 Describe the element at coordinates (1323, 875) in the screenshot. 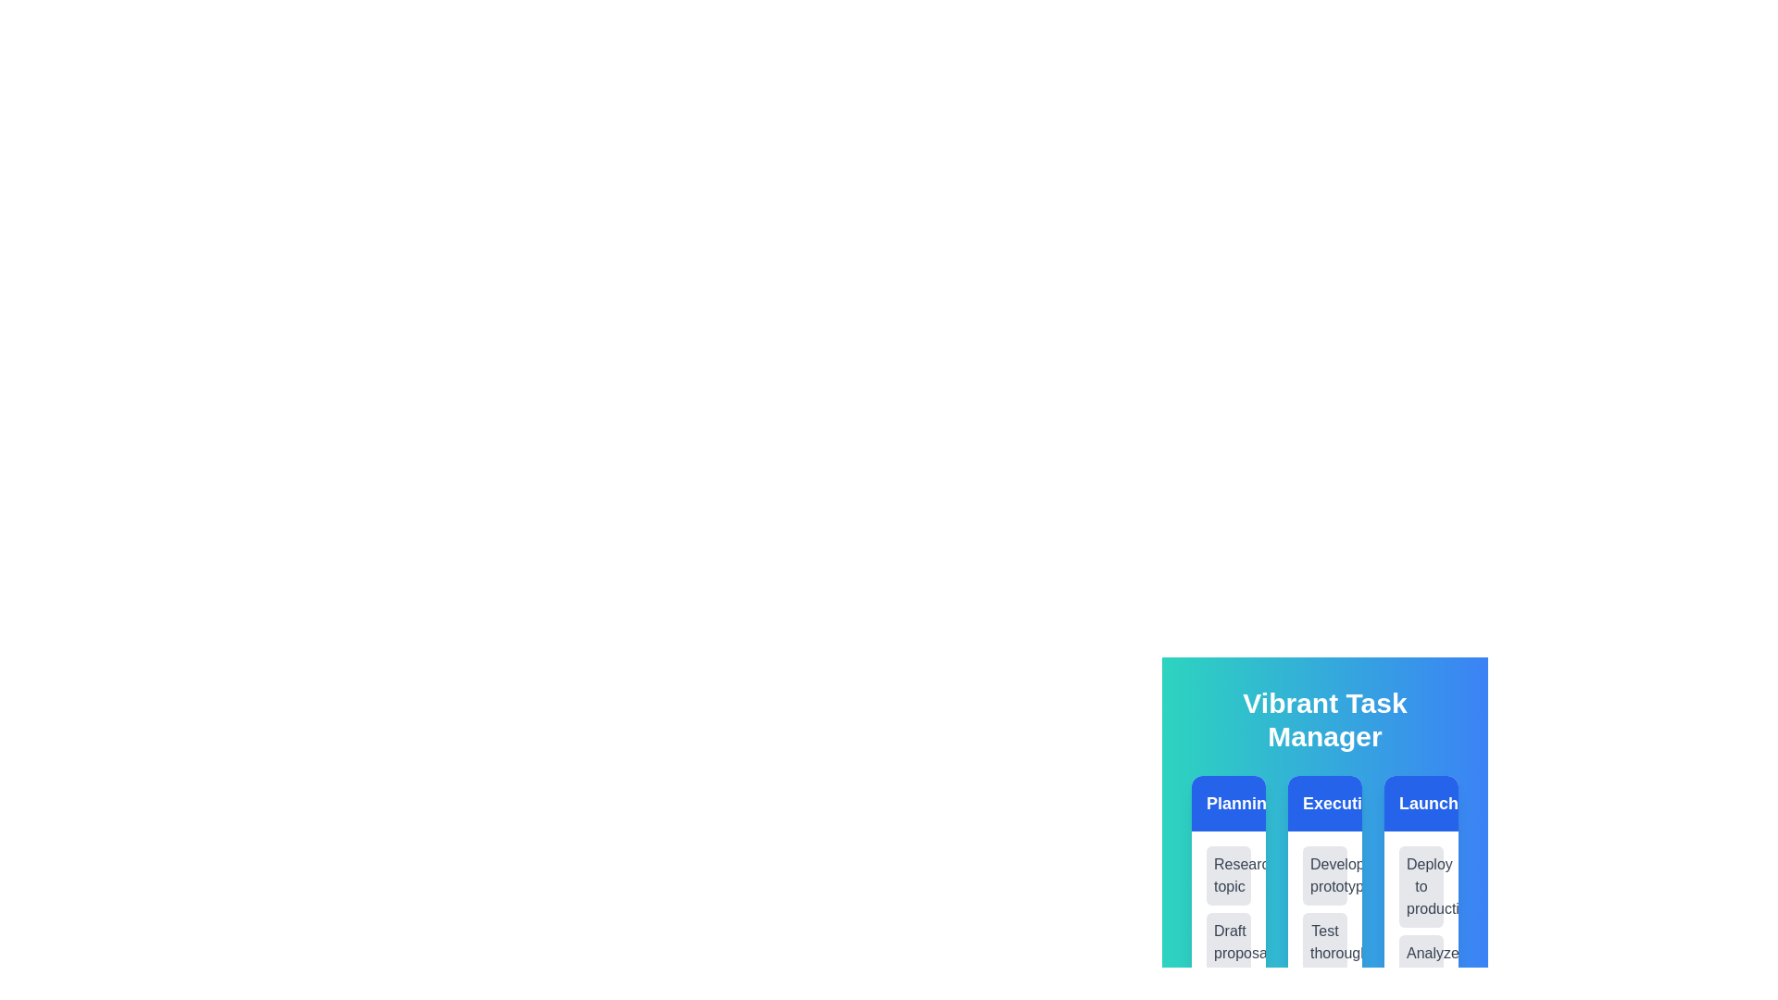

I see `text box labeled 'Develop prototype' which is the first item in the 'Execute' section, positioned above the 'Test thoroughly' item` at that location.